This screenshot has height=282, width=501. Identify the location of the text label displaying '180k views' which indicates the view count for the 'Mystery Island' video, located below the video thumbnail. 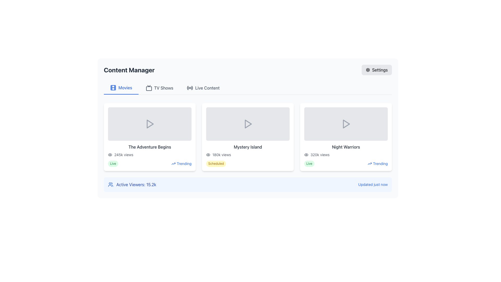
(222, 155).